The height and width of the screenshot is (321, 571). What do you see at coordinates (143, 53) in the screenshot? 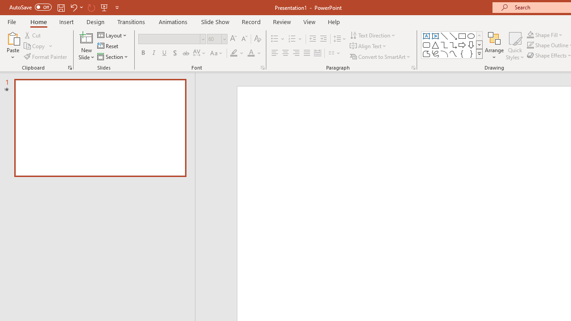
I see `'Bold'` at bounding box center [143, 53].